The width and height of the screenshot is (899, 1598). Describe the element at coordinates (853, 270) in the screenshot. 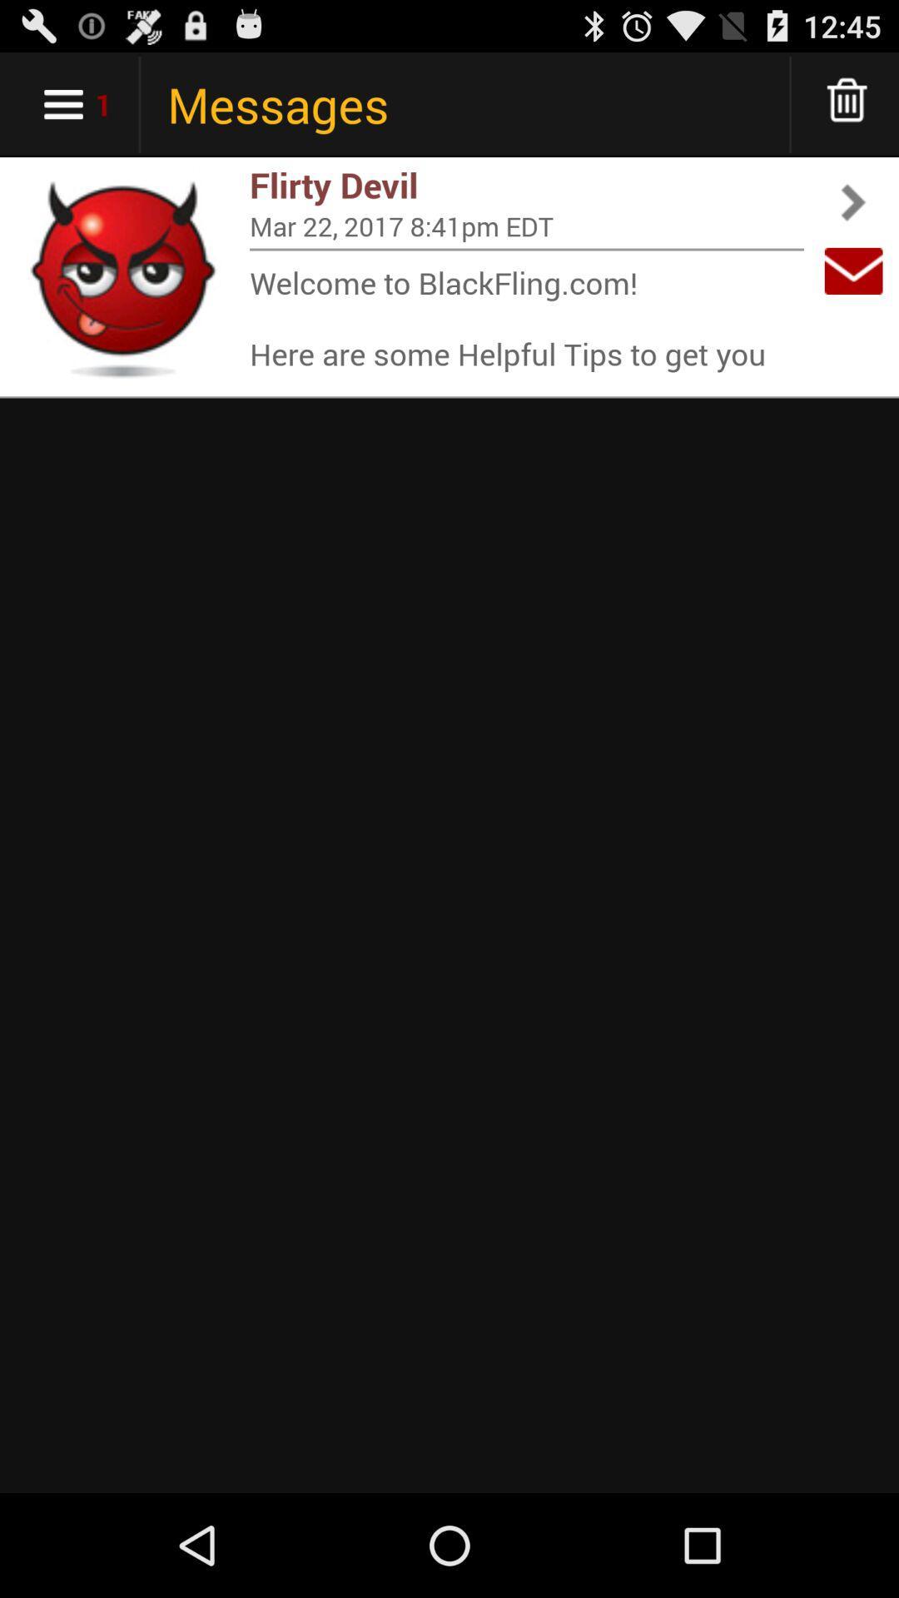

I see `app next to mar 22 2017 app` at that location.